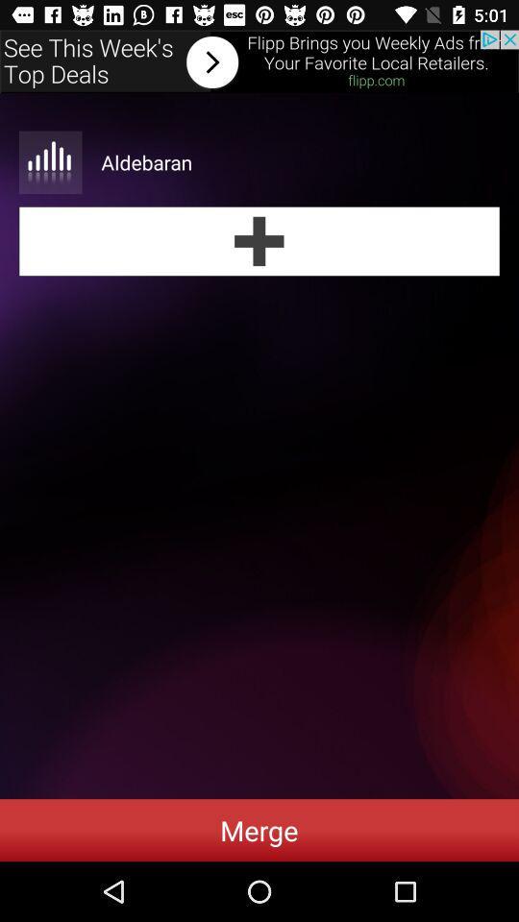 Image resolution: width=519 pixels, height=922 pixels. Describe the element at coordinates (259, 61) in the screenshot. I see `flipp advertisement` at that location.